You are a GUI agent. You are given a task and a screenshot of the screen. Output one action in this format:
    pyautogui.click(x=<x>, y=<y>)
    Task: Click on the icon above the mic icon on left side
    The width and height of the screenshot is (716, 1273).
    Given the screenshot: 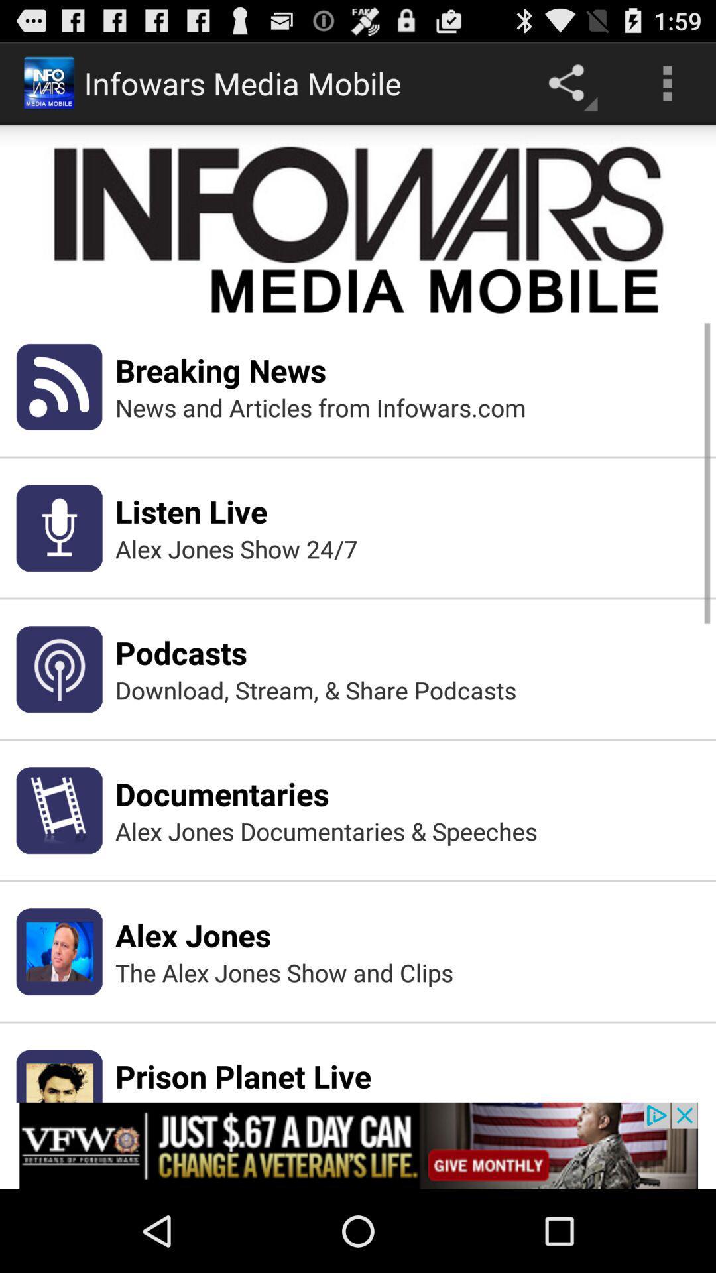 What is the action you would take?
    pyautogui.click(x=58, y=386)
    